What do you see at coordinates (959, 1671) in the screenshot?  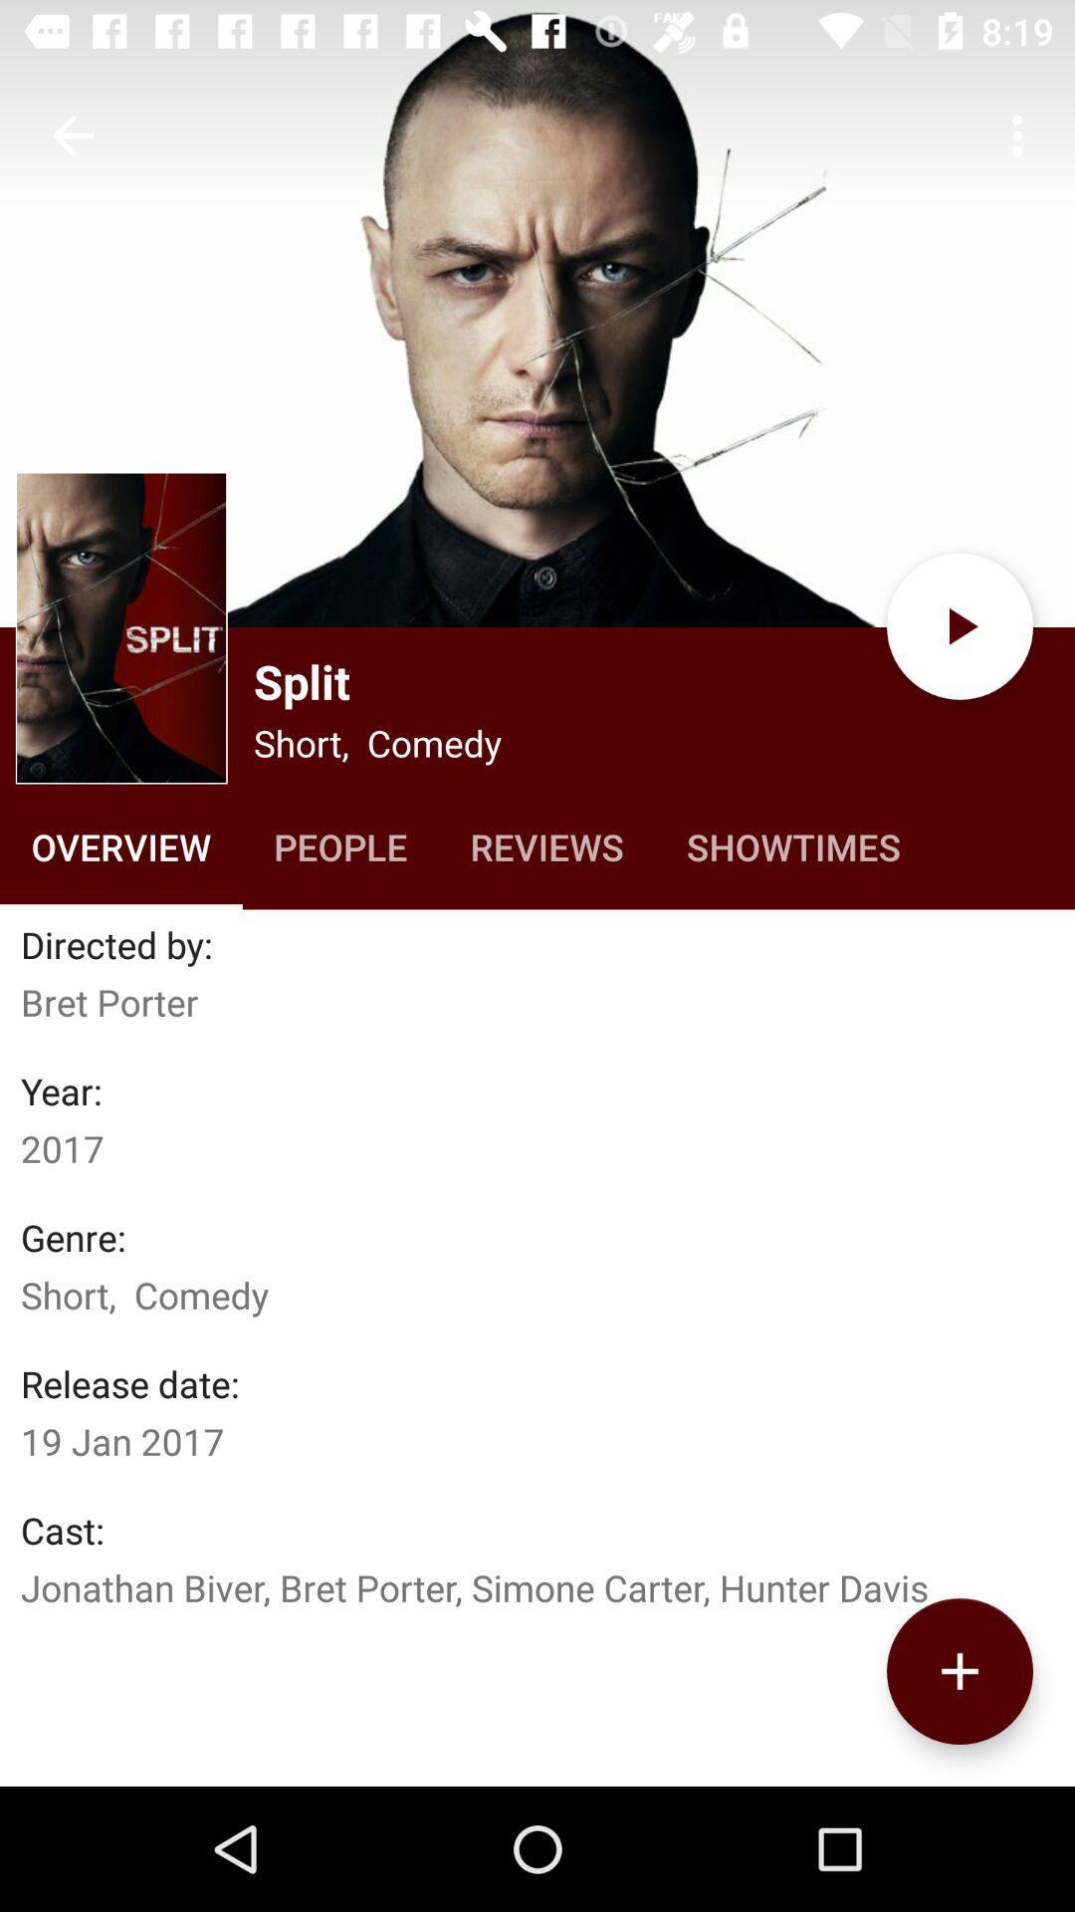 I see `to play` at bounding box center [959, 1671].